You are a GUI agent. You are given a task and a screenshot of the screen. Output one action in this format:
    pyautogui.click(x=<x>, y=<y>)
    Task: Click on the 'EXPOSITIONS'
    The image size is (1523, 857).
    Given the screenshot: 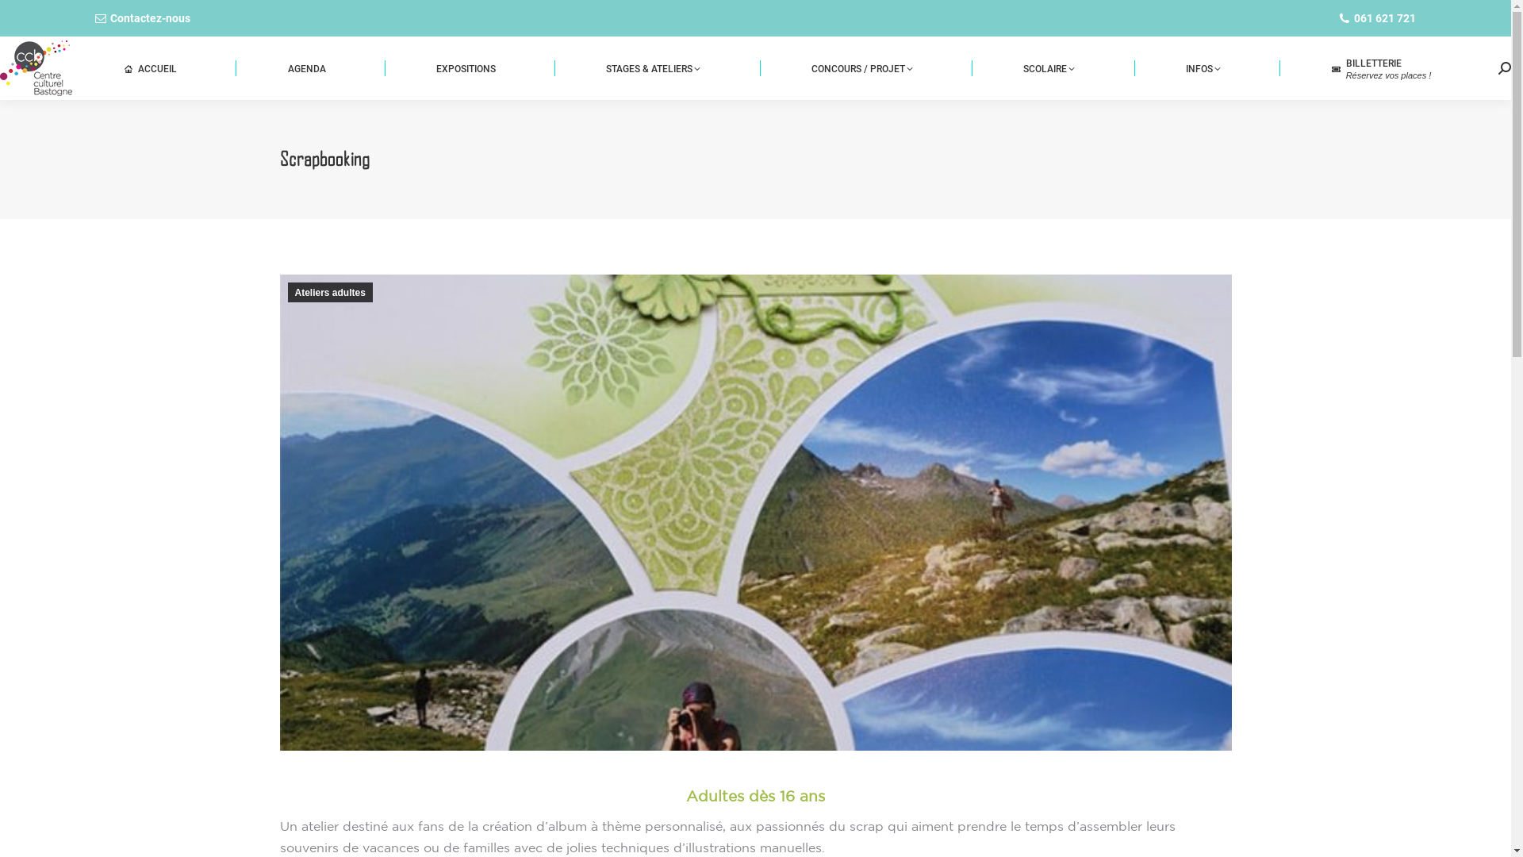 What is the action you would take?
    pyautogui.click(x=464, y=67)
    